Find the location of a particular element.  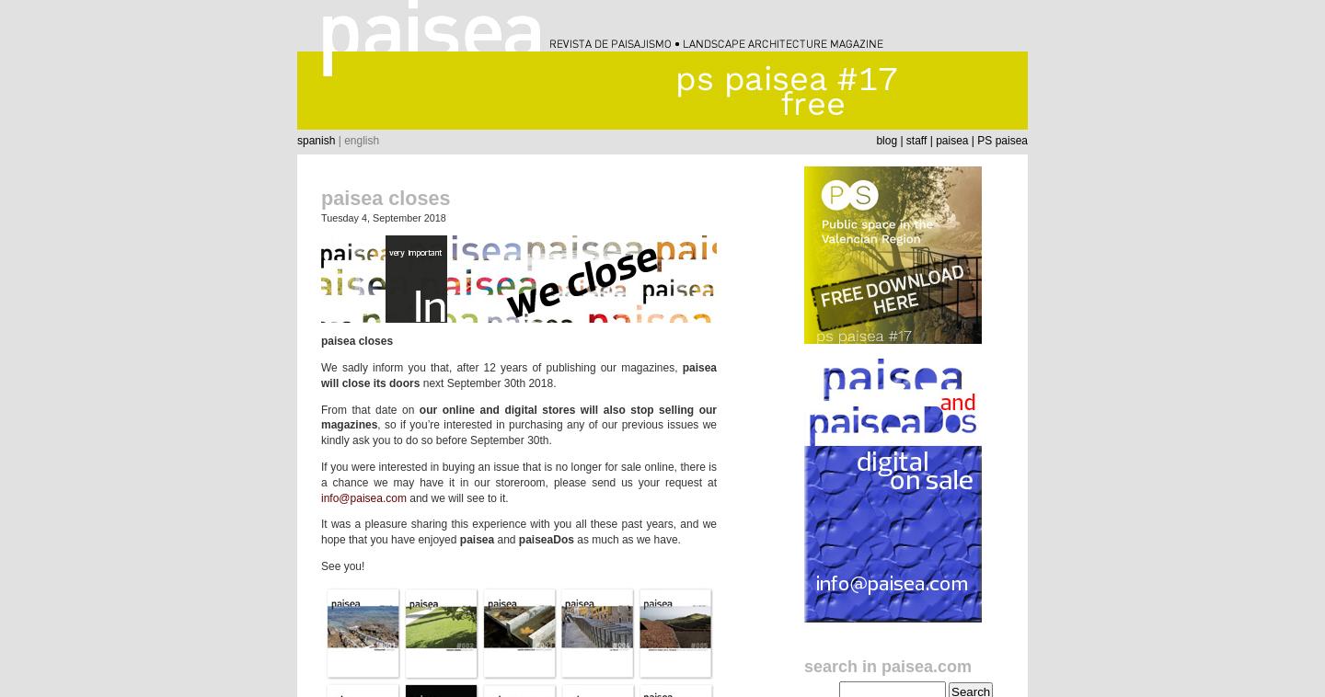

'paisea will close its doors' is located at coordinates (519, 373).